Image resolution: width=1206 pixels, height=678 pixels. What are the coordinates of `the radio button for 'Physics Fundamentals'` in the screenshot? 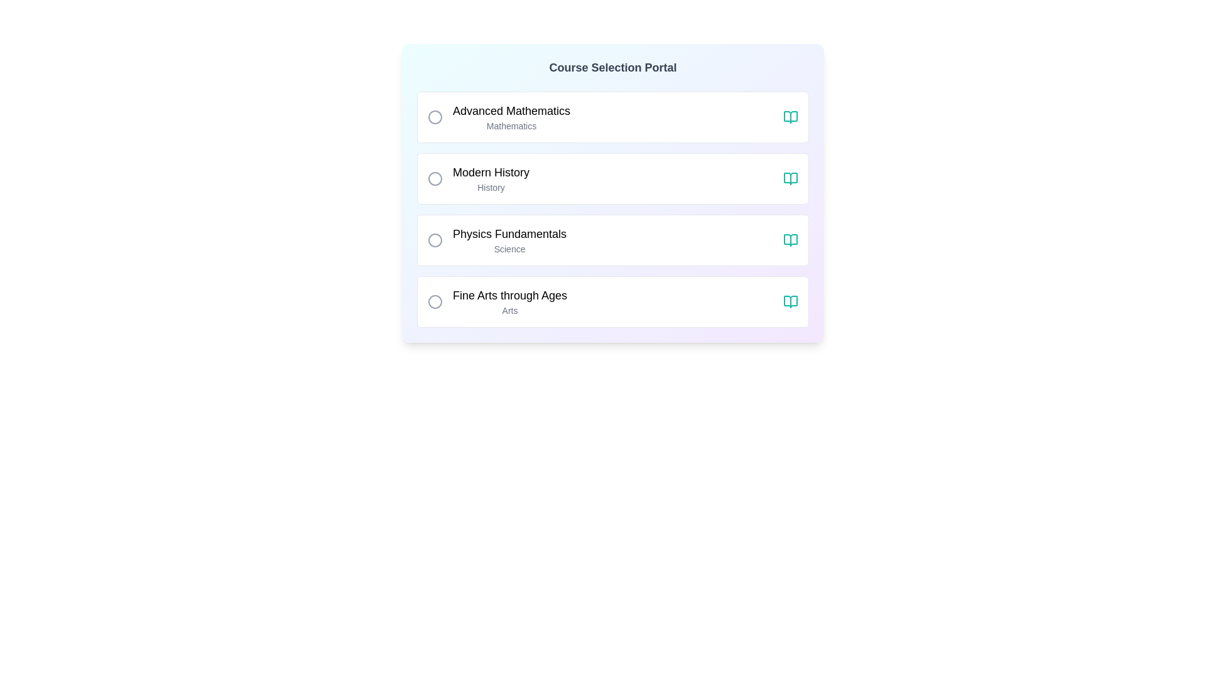 It's located at (435, 240).